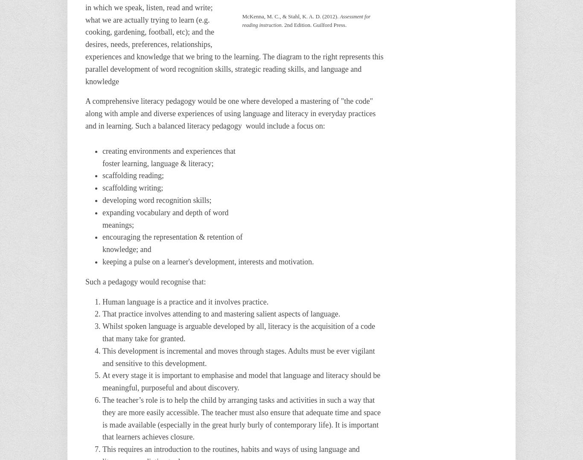 This screenshot has height=460, width=583. What do you see at coordinates (133, 175) in the screenshot?
I see `'scaffolding reading;'` at bounding box center [133, 175].